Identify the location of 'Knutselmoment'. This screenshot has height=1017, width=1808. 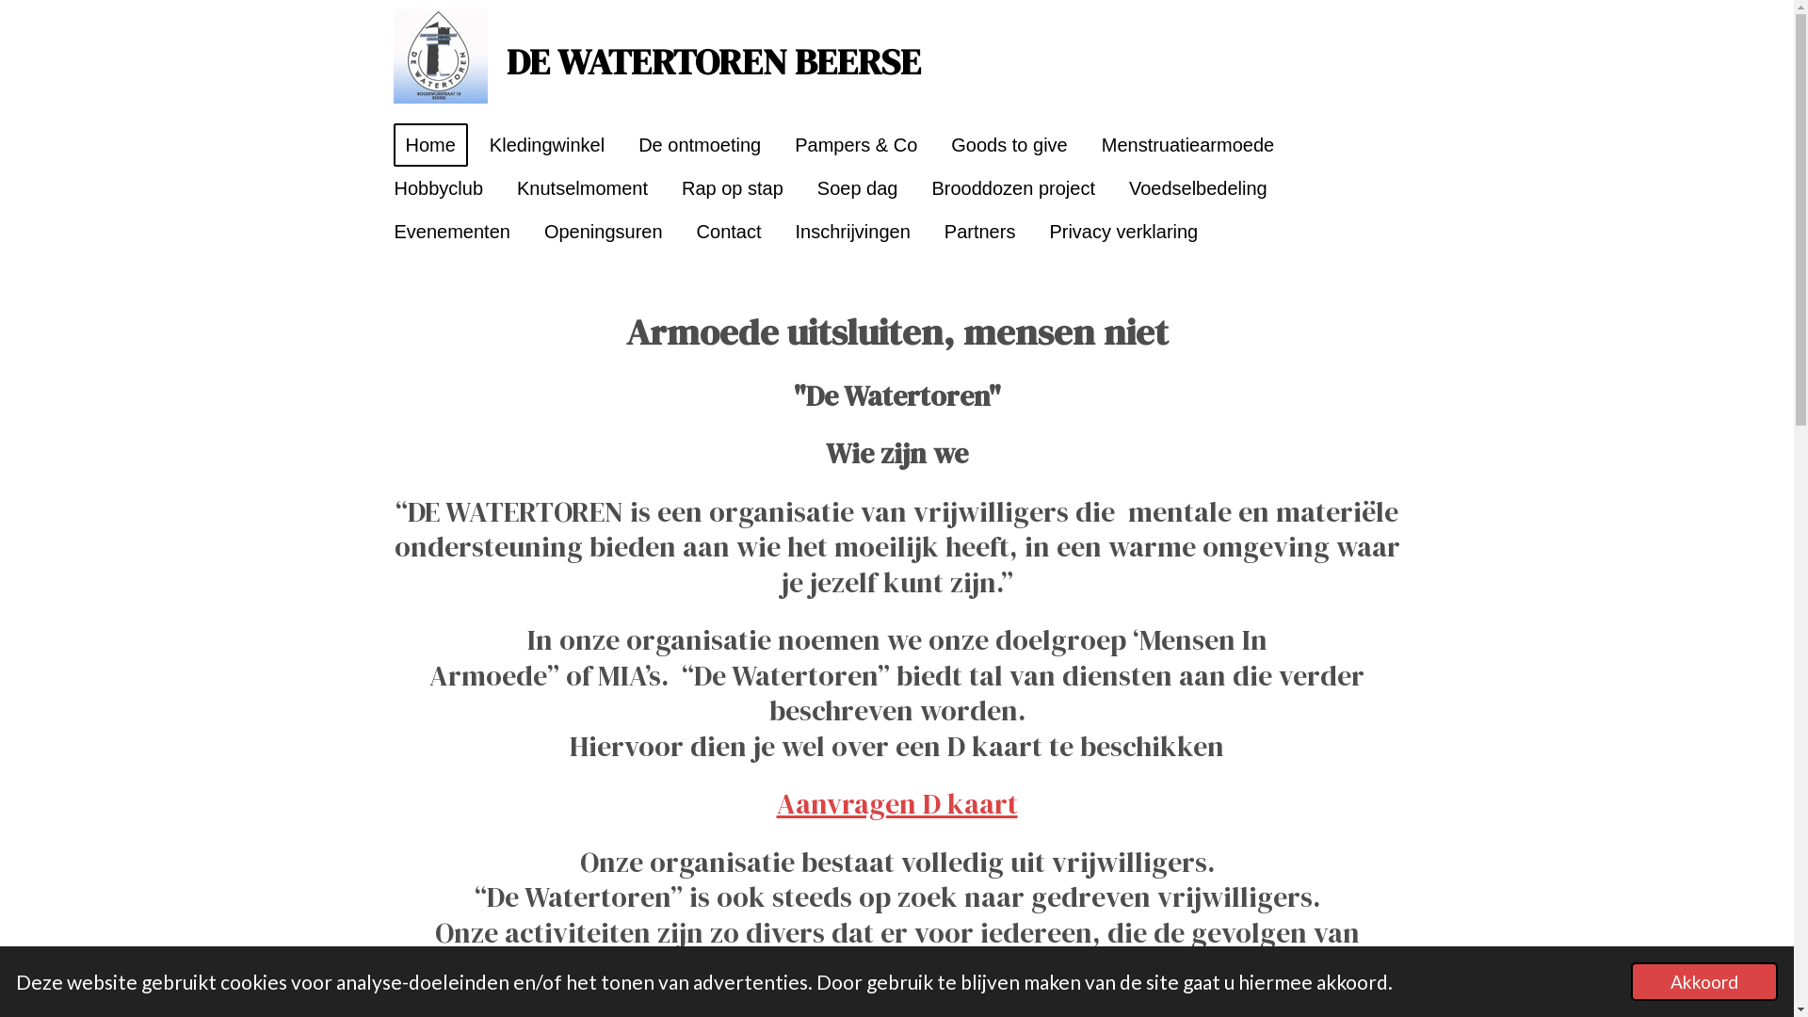
(581, 188).